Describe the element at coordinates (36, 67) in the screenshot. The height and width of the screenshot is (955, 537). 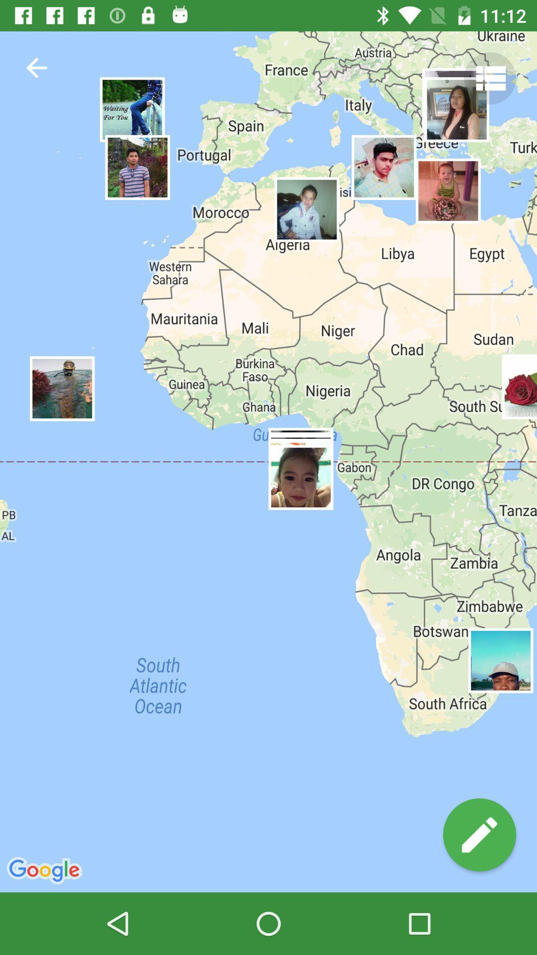
I see `previous page` at that location.